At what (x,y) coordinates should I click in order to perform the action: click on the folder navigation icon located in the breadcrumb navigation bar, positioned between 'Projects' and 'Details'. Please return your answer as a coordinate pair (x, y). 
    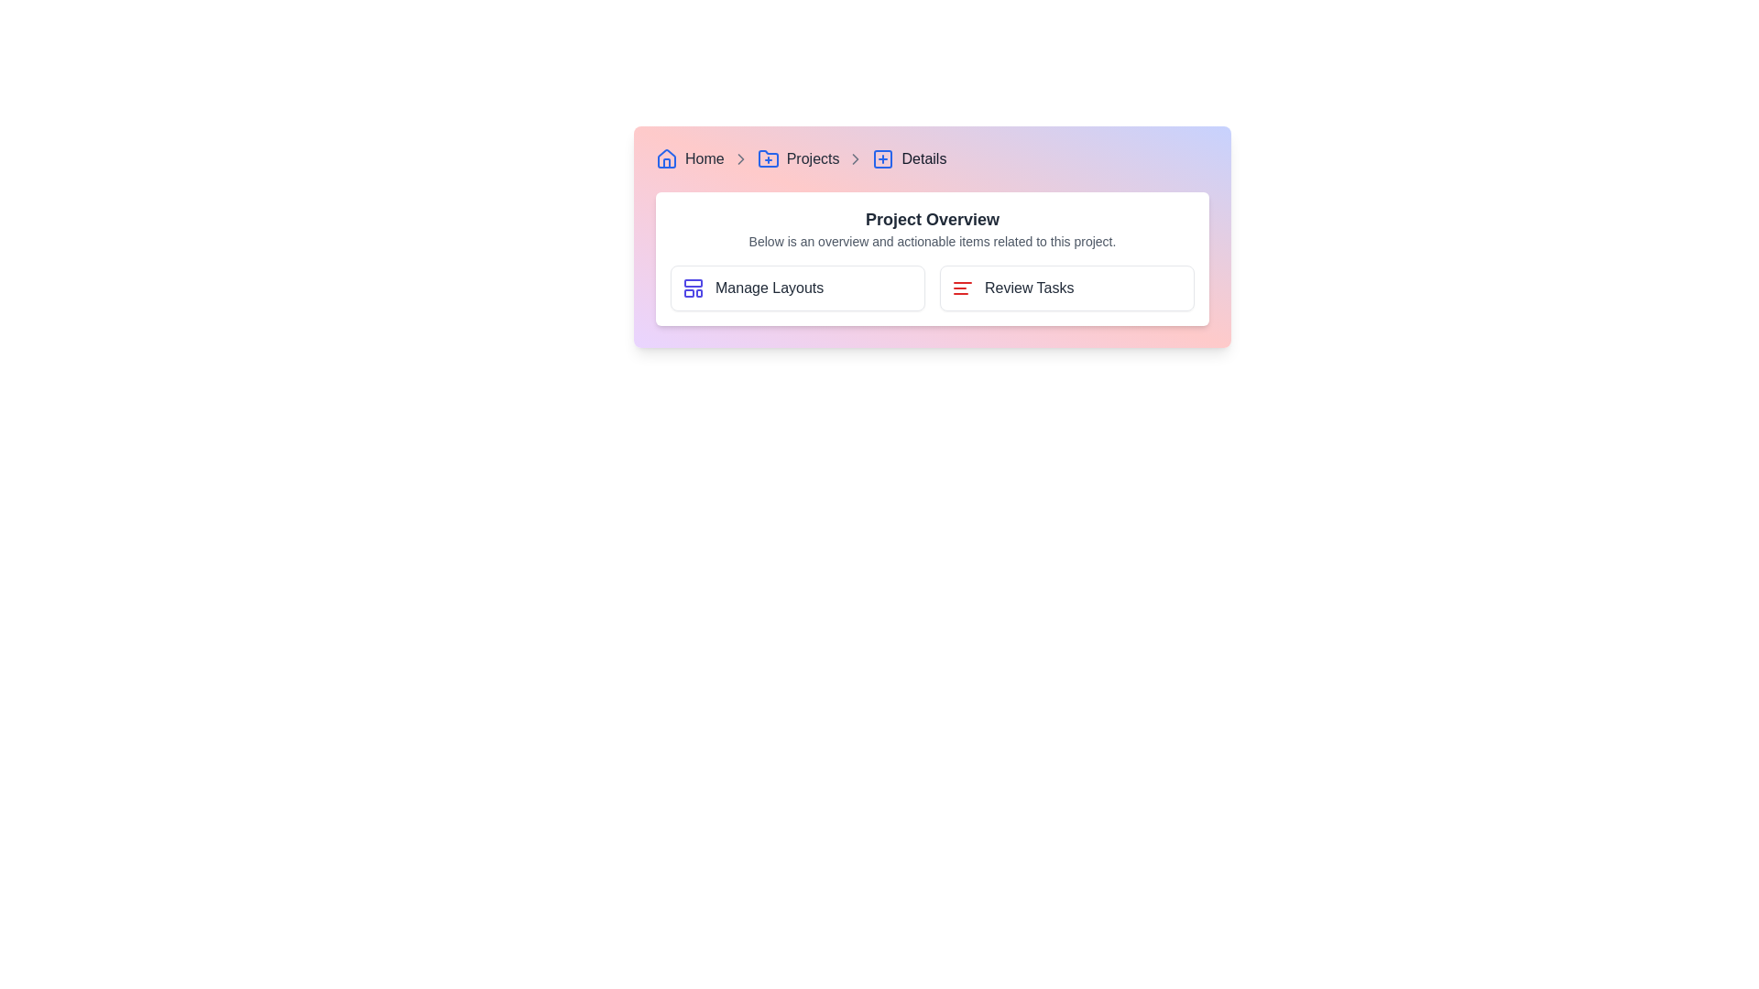
    Looking at the image, I should click on (768, 158).